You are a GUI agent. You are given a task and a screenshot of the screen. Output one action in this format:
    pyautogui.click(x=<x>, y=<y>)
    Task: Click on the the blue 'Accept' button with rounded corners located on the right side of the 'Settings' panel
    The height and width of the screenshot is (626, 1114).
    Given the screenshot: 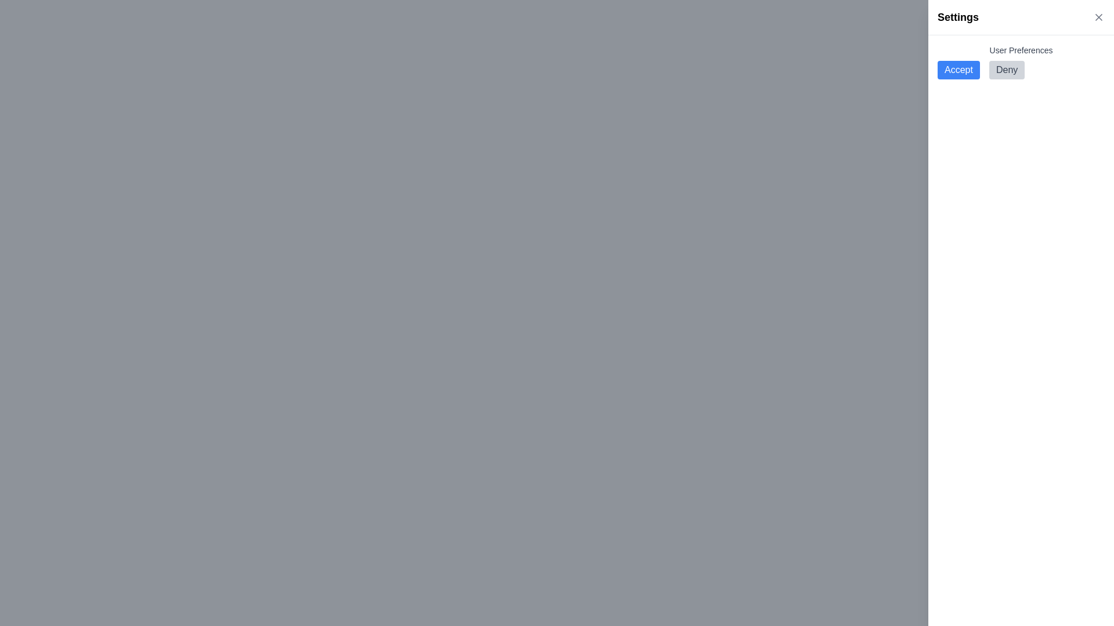 What is the action you would take?
    pyautogui.click(x=959, y=70)
    